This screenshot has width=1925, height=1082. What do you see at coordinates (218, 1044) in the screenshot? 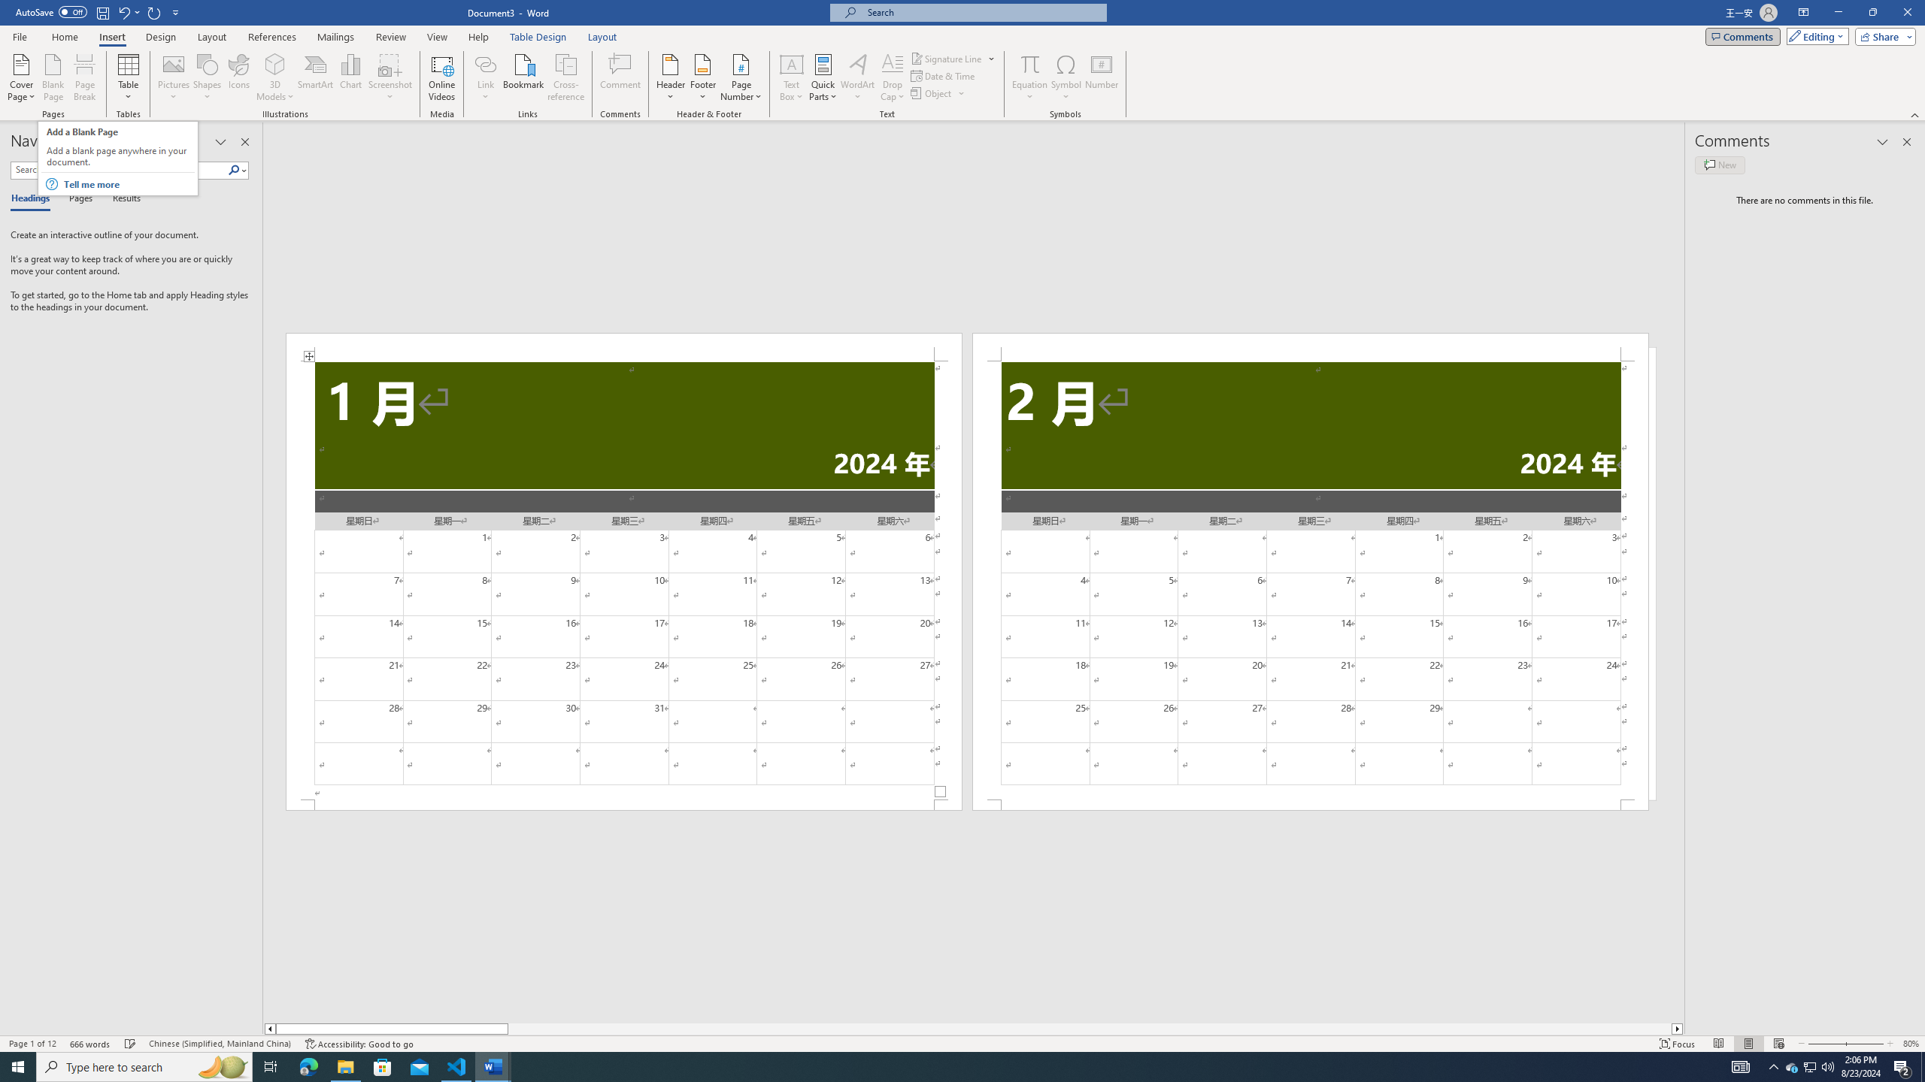
I see `'Language Chinese (Simplified, Mainland China)'` at bounding box center [218, 1044].